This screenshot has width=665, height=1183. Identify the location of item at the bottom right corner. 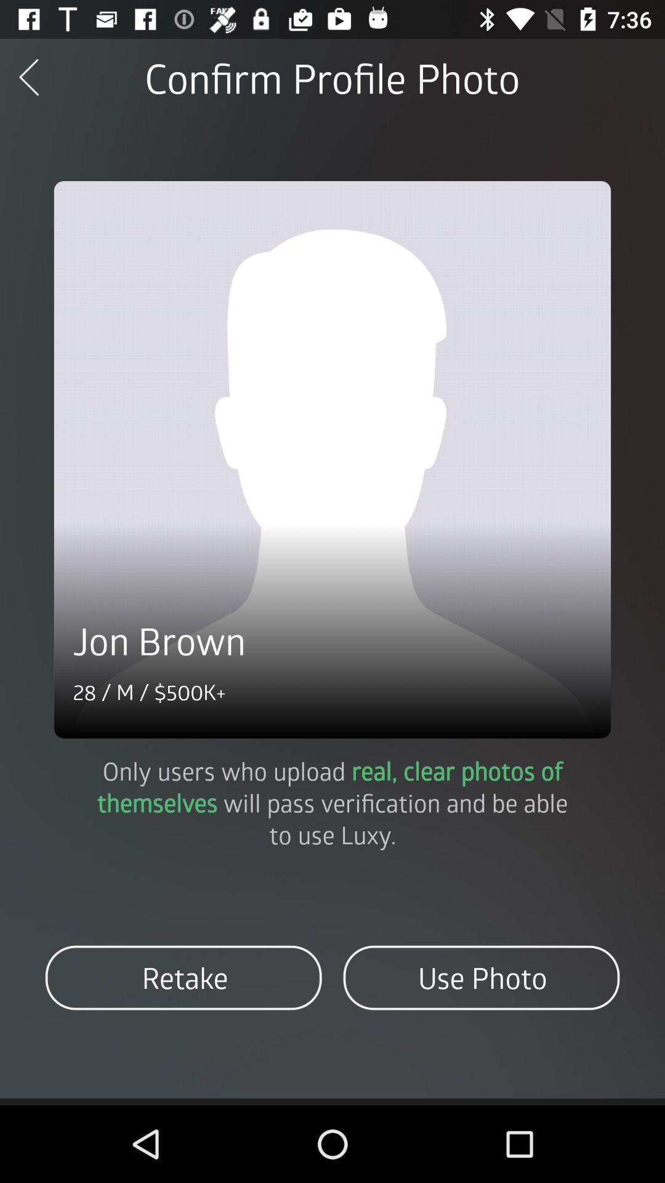
(480, 977).